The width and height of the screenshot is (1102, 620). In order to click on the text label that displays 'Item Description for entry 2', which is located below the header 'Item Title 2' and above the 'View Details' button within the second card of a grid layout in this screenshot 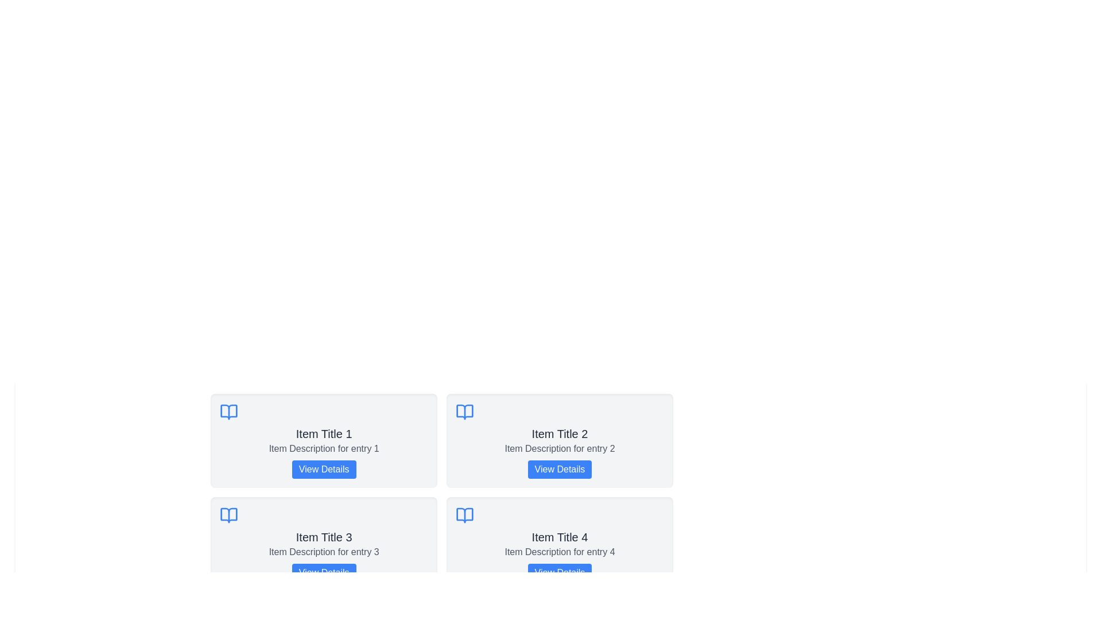, I will do `click(560, 448)`.